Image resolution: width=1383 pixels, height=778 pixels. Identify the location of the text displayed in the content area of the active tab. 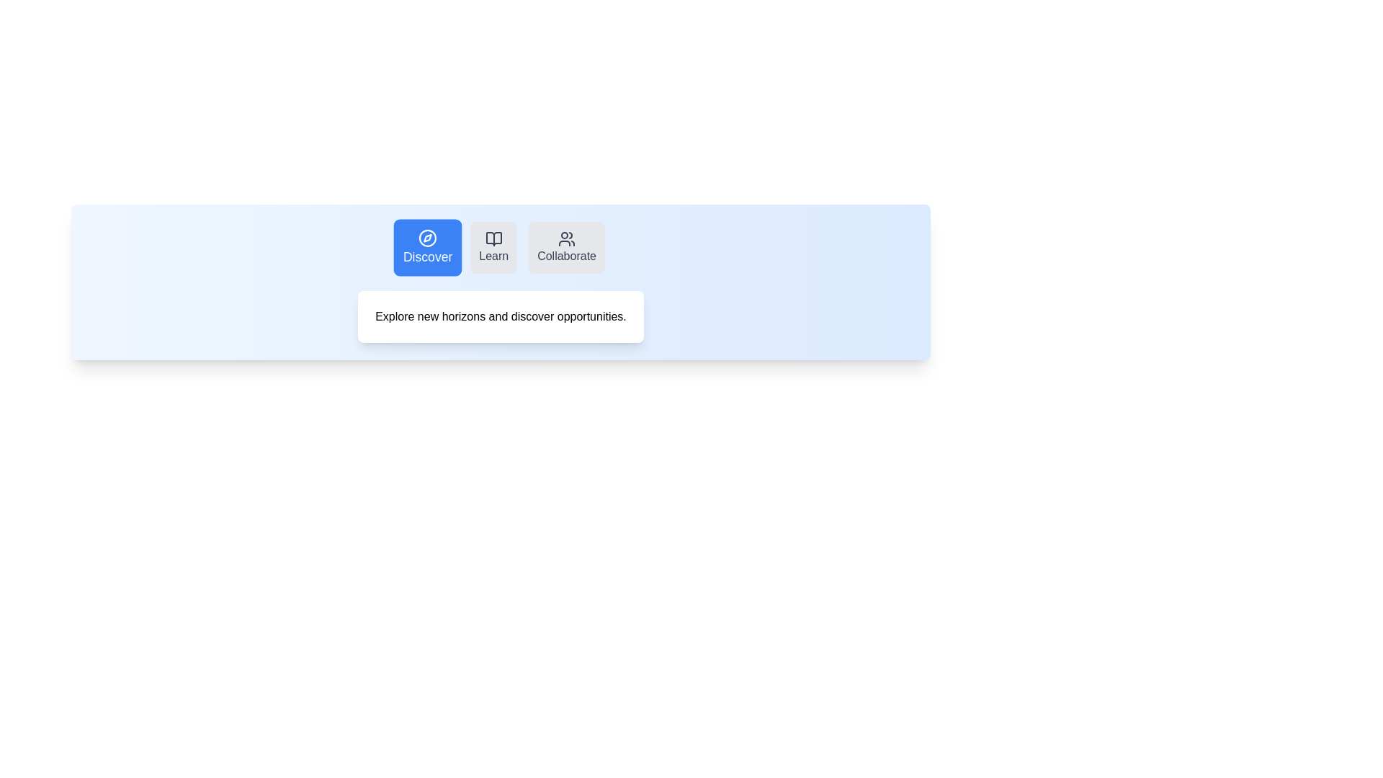
(501, 316).